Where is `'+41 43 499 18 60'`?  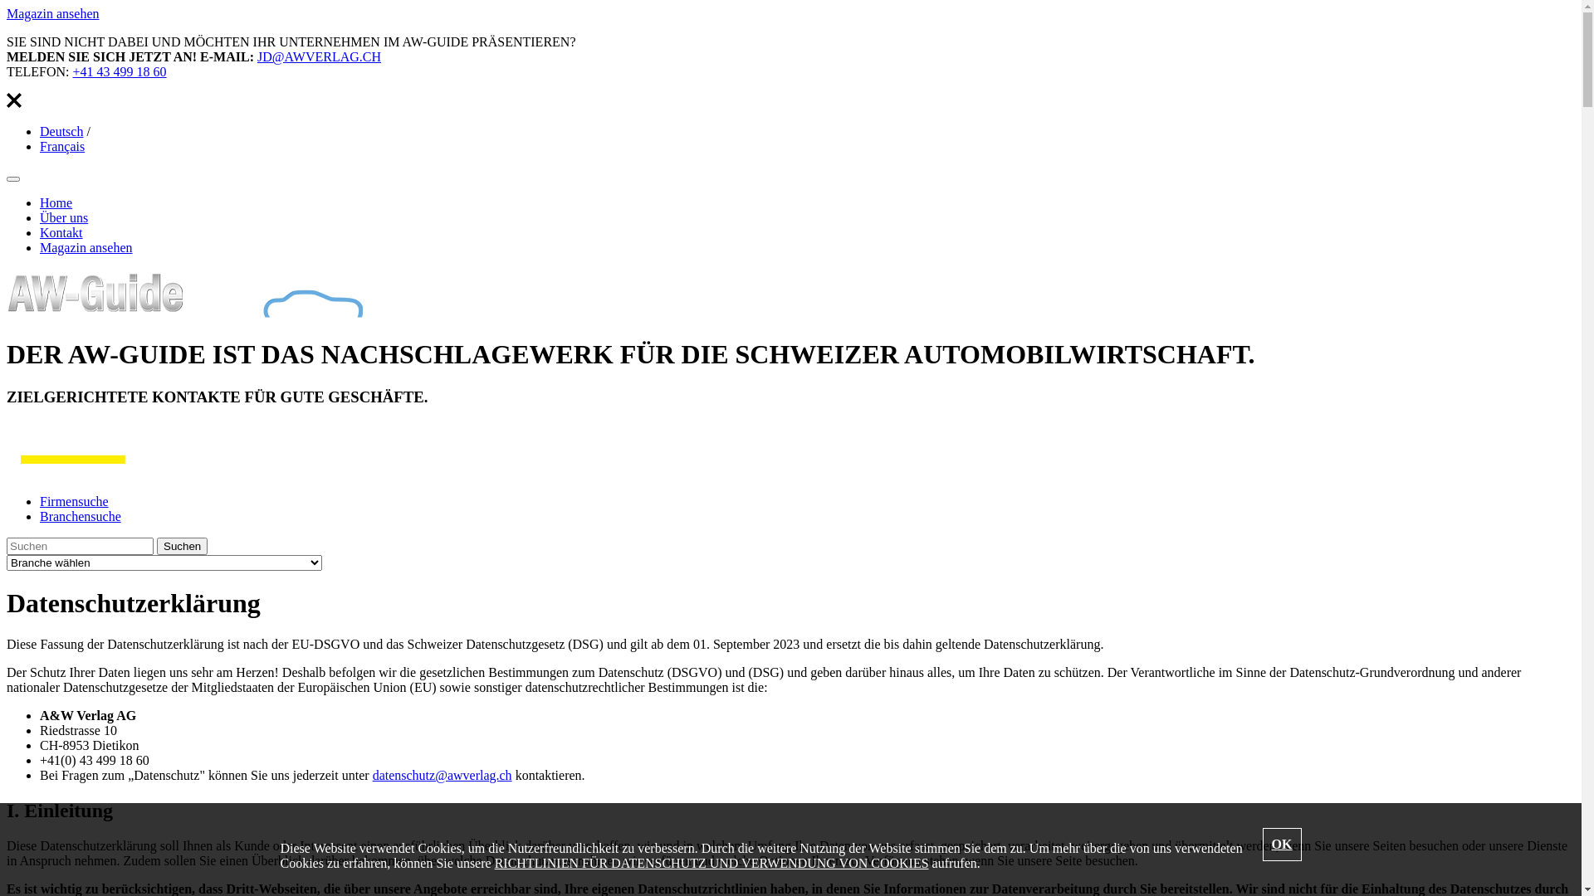 '+41 43 499 18 60' is located at coordinates (71, 71).